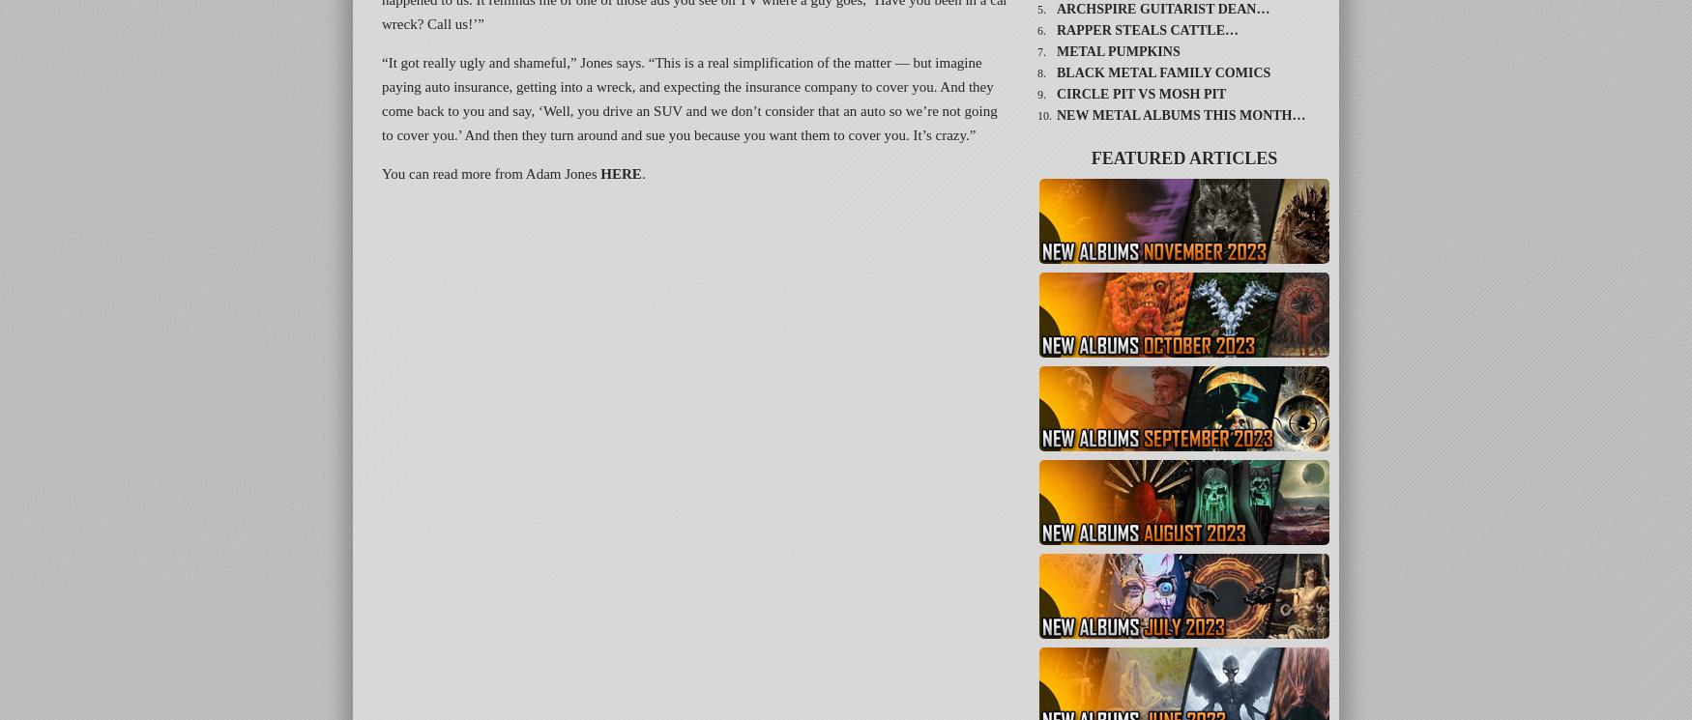 Image resolution: width=1692 pixels, height=720 pixels. I want to click on 'New Metal Albums This Month…', so click(1181, 114).